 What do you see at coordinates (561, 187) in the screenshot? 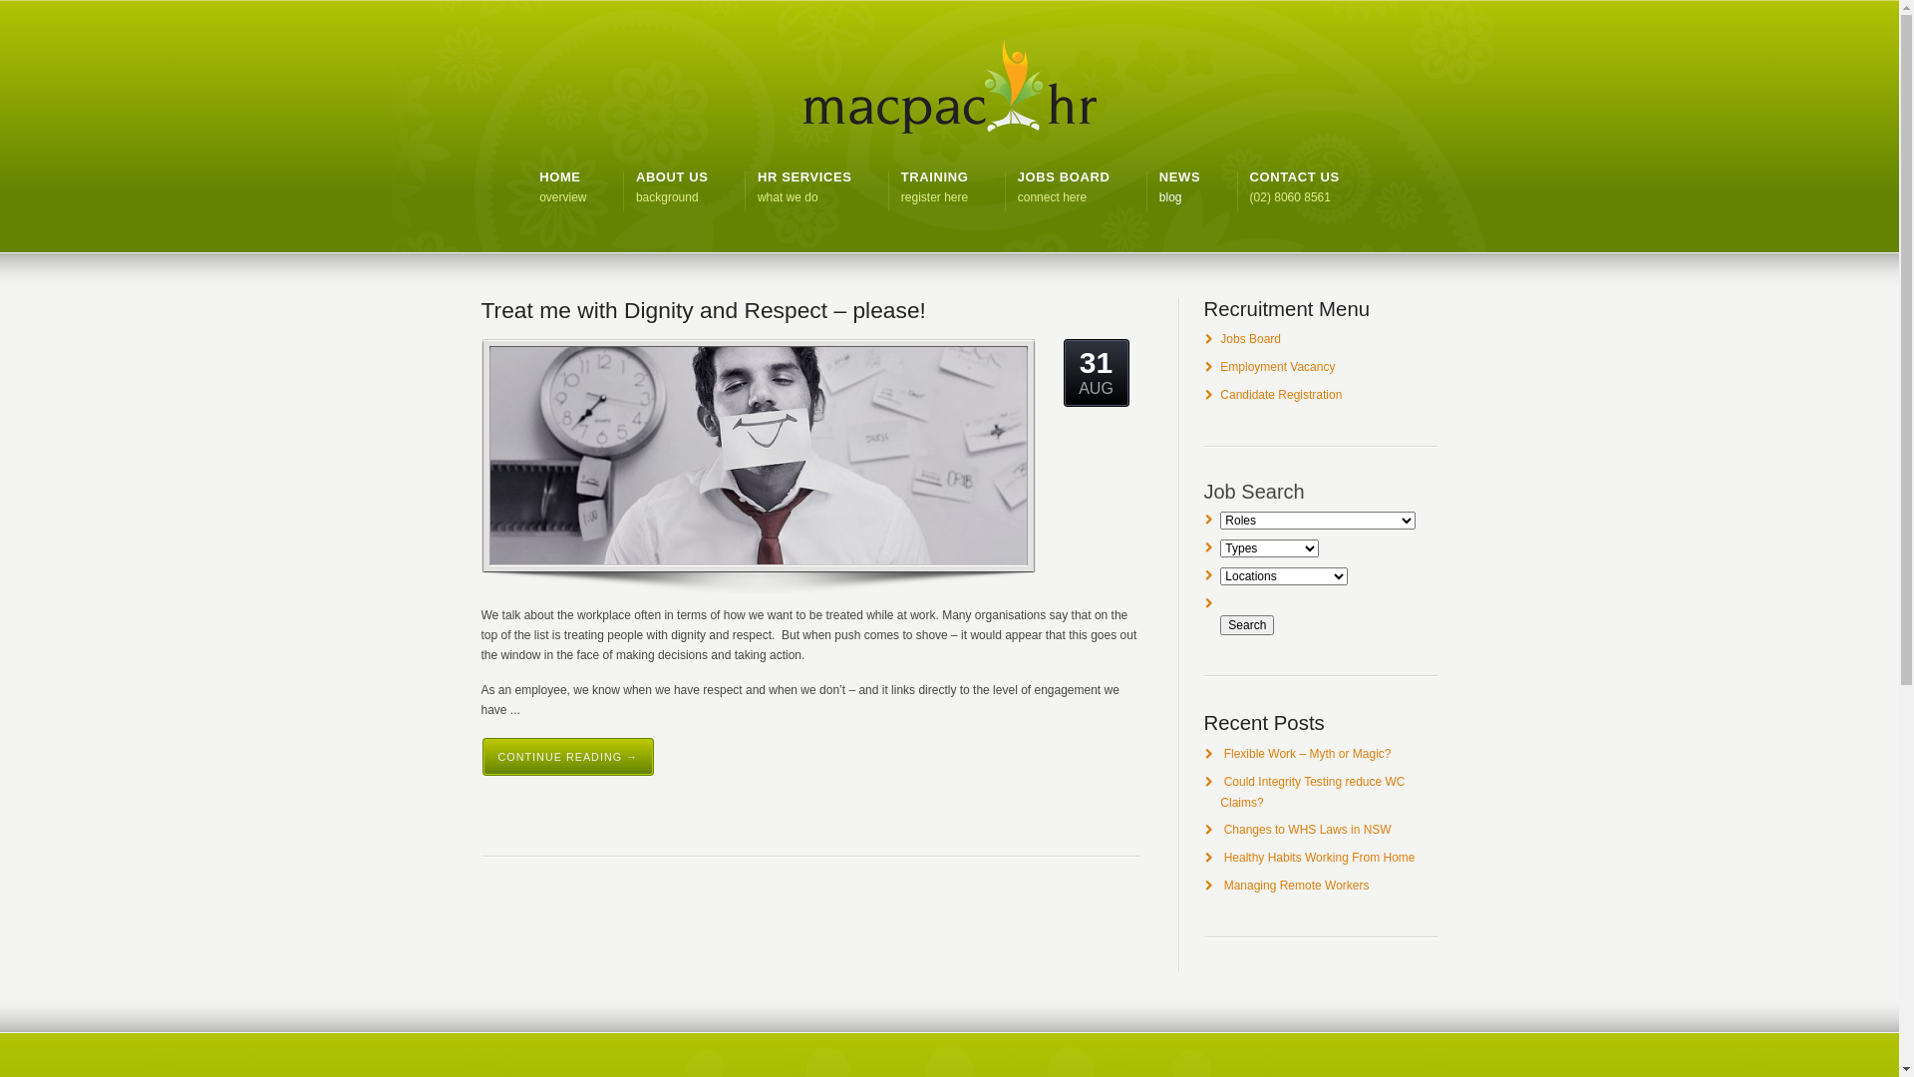
I see `'HOME` at bounding box center [561, 187].